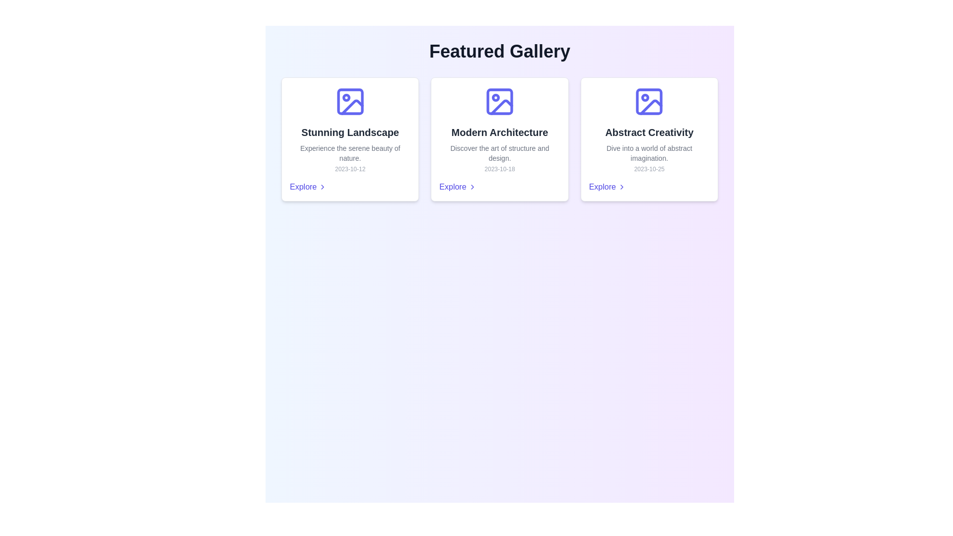 Image resolution: width=953 pixels, height=536 pixels. Describe the element at coordinates (621, 187) in the screenshot. I see `the interactive icon next to the 'Explore' link in the 'Abstract Creativity' card to trigger any available hover effects` at that location.